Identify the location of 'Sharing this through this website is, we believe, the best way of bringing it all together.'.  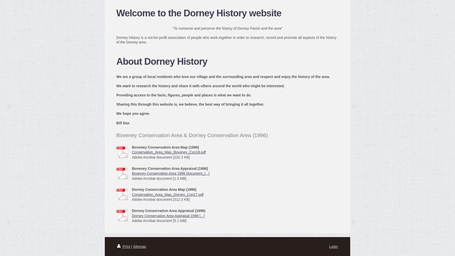
(190, 104).